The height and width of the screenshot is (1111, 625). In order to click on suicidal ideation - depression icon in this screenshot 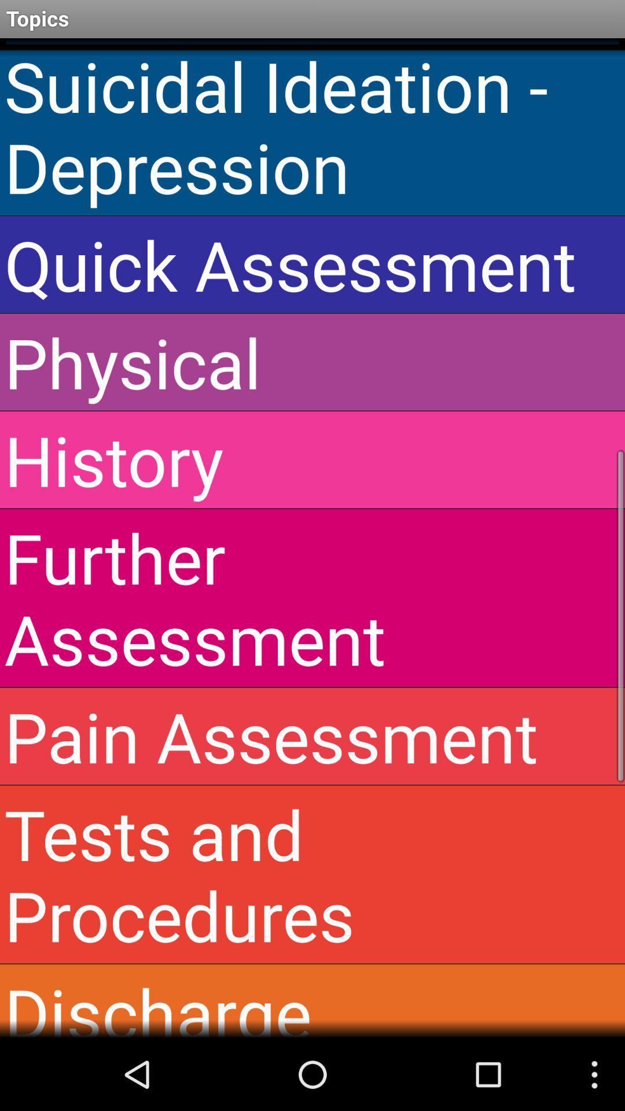, I will do `click(312, 127)`.